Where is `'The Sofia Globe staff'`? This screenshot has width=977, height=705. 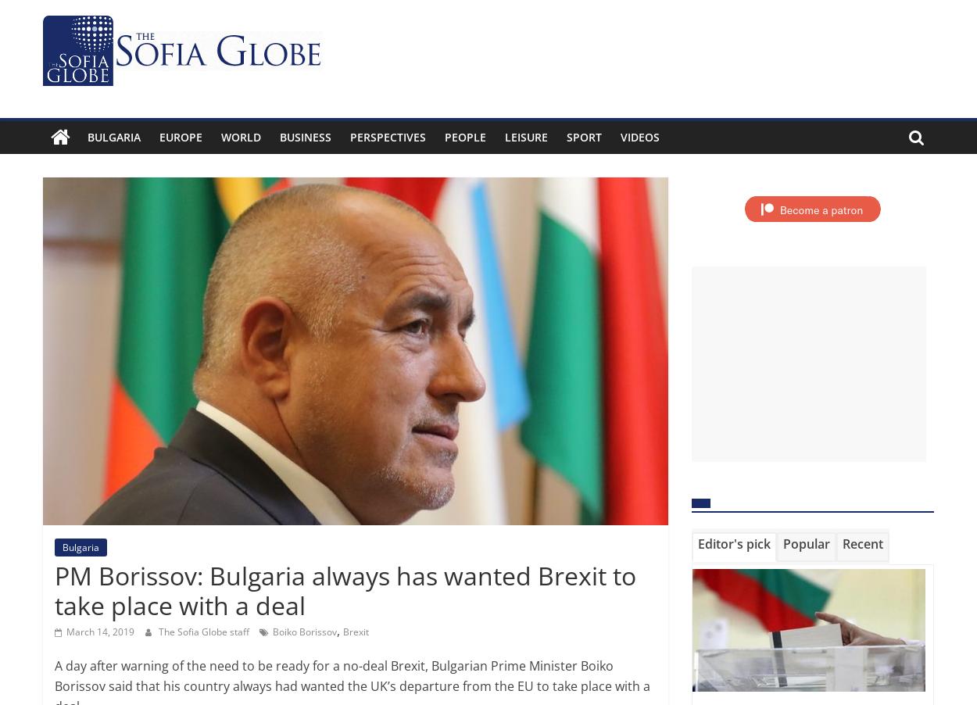
'The Sofia Globe staff' is located at coordinates (205, 630).